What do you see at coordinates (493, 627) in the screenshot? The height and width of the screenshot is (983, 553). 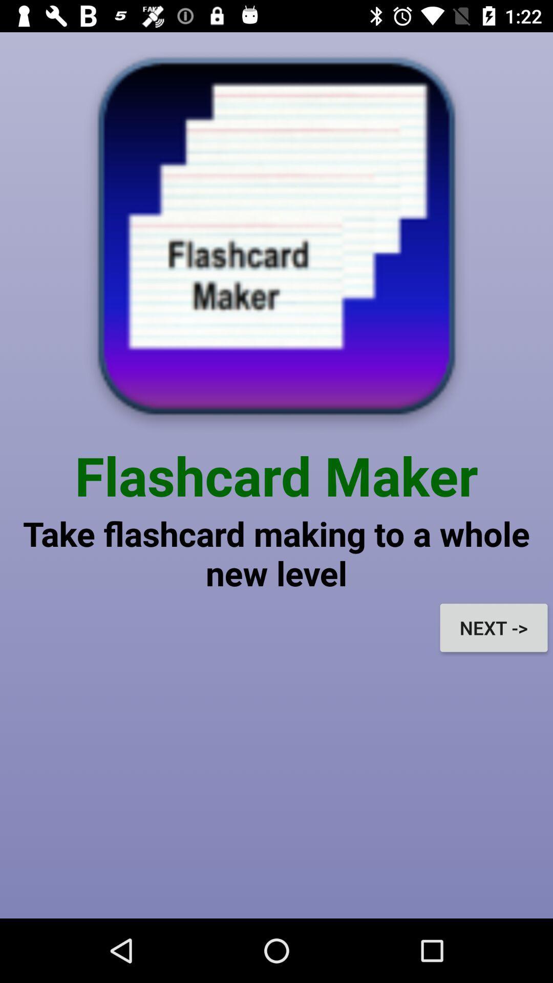 I see `app below take flashcard making item` at bounding box center [493, 627].